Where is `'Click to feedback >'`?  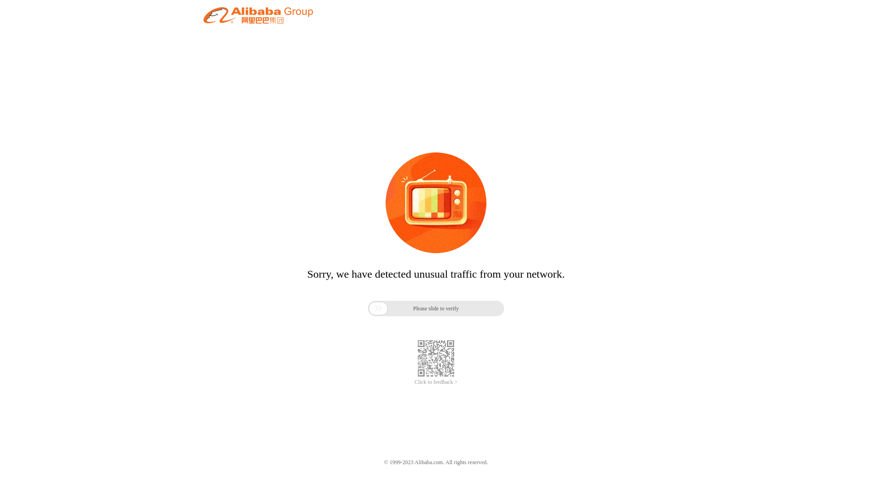
'Click to feedback >' is located at coordinates (436, 382).